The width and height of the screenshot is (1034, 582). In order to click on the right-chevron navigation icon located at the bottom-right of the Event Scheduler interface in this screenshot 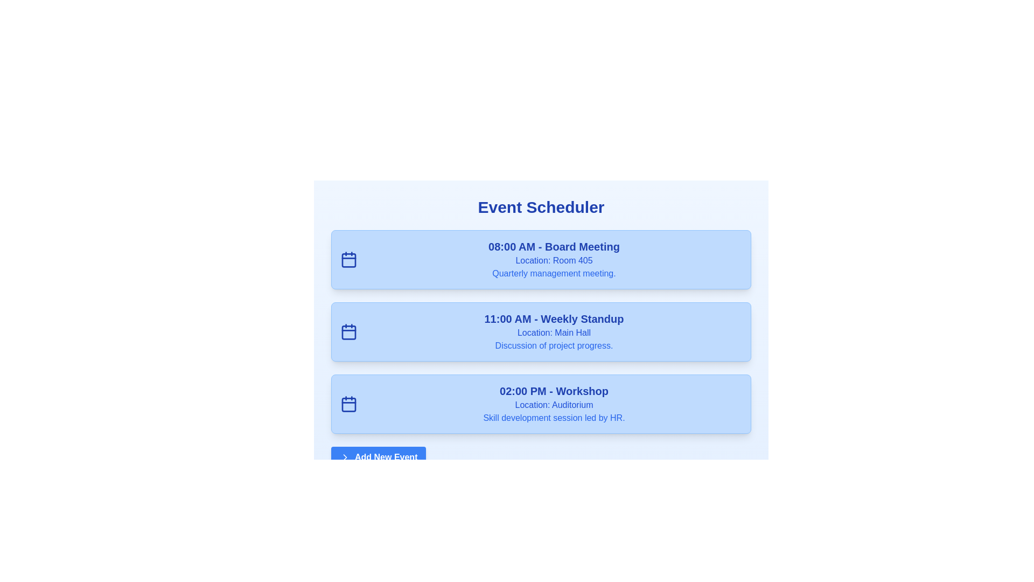, I will do `click(345, 457)`.